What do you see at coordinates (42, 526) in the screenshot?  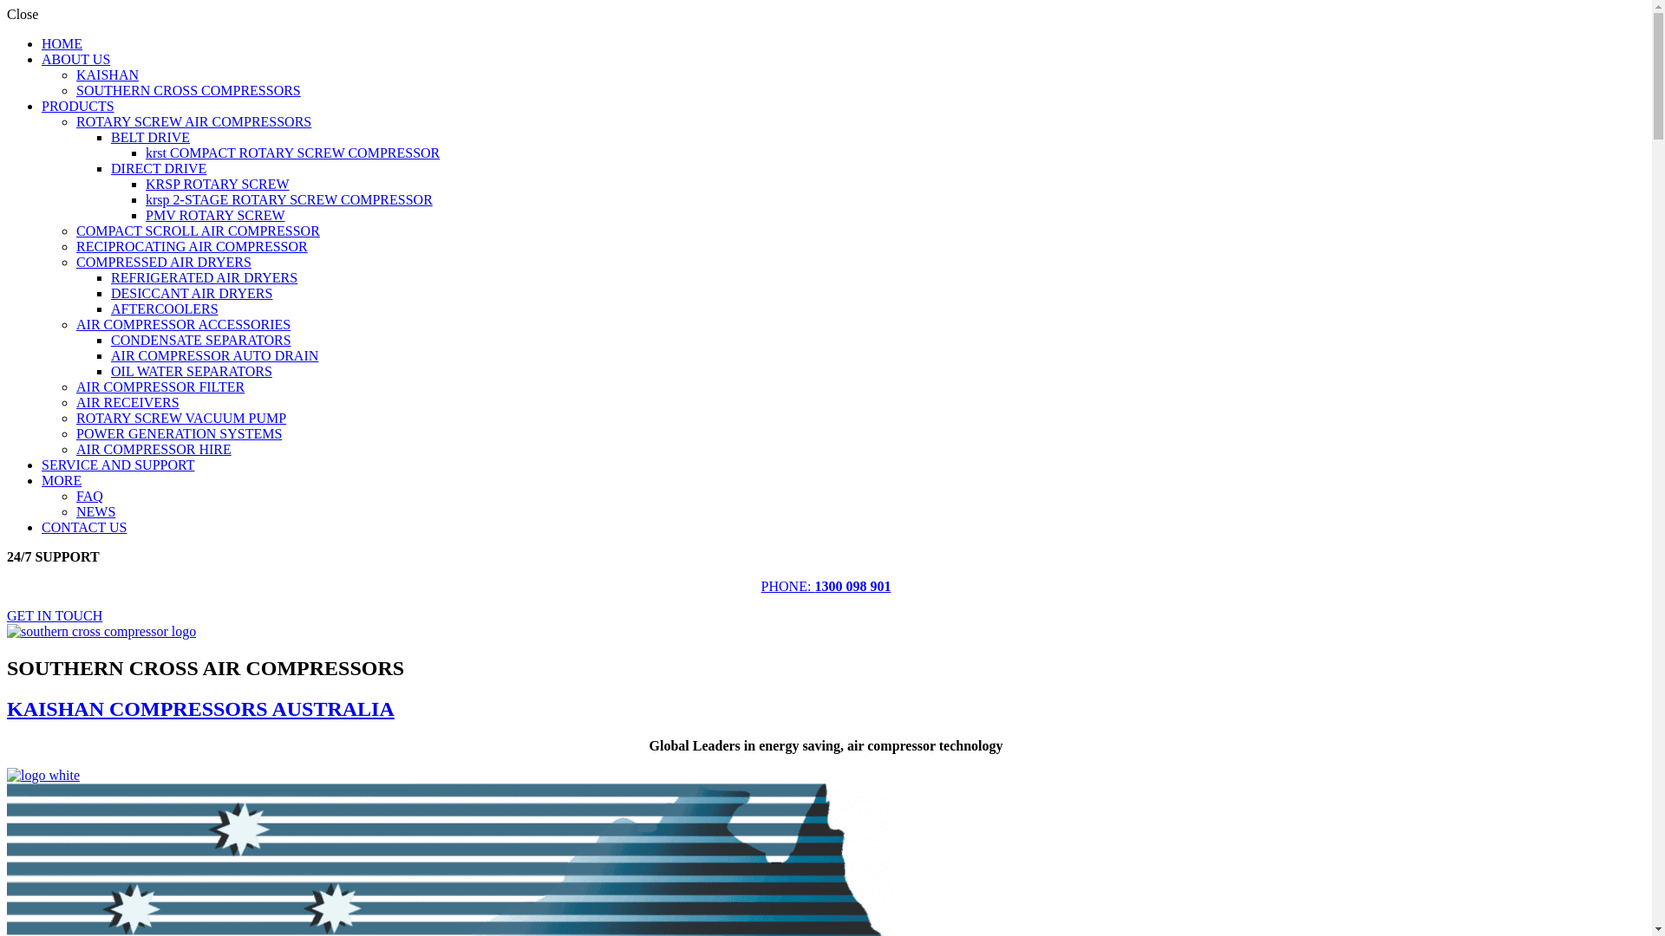 I see `'CONTACT US'` at bounding box center [42, 526].